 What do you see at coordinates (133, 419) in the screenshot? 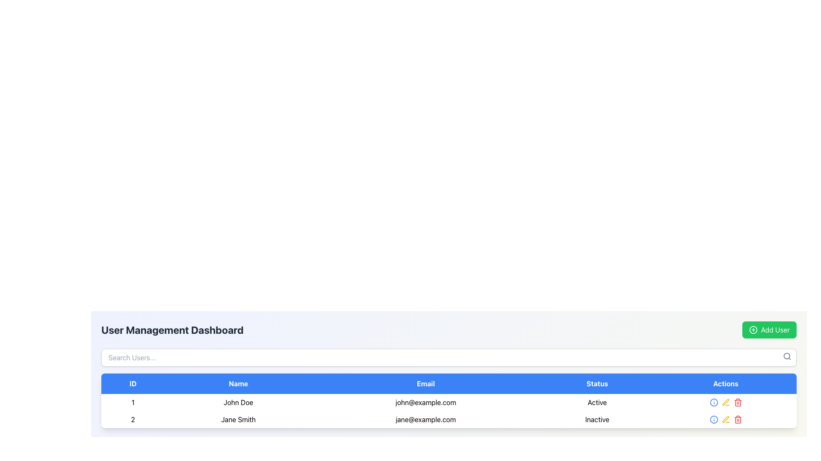
I see `the text identifier in the second row of the table under the 'ID' column` at bounding box center [133, 419].